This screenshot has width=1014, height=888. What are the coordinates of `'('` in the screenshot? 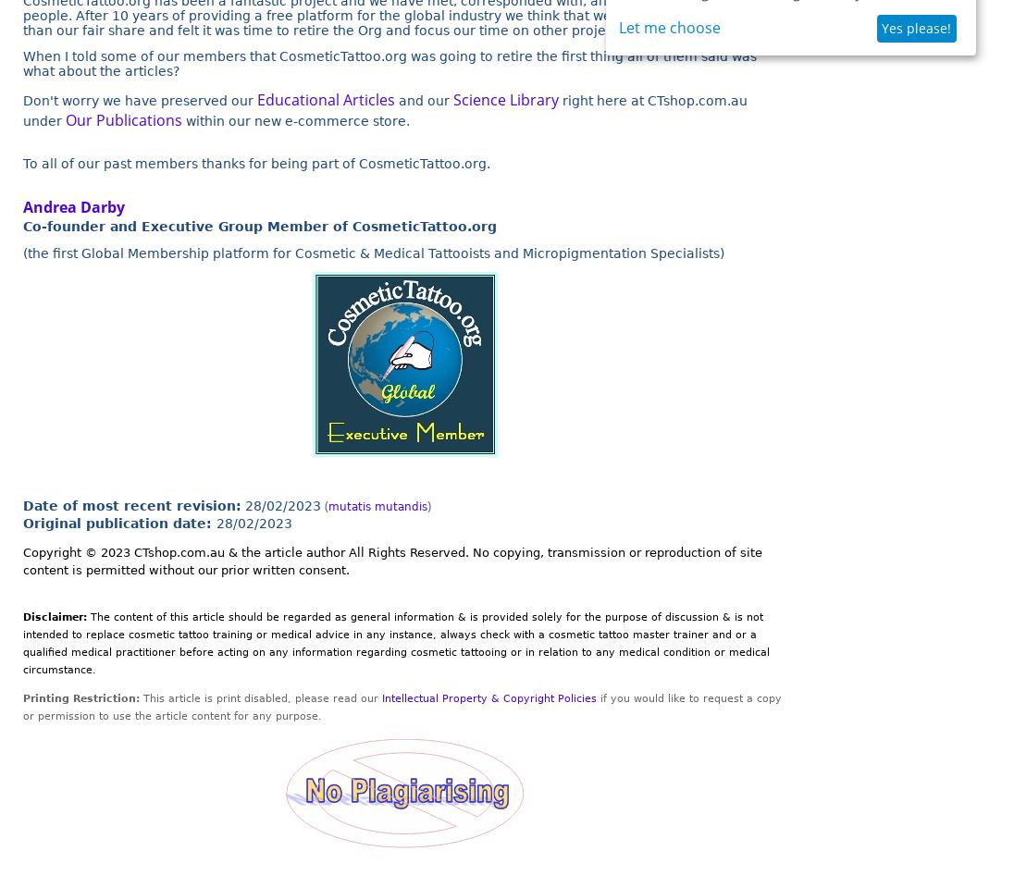 It's located at (324, 504).